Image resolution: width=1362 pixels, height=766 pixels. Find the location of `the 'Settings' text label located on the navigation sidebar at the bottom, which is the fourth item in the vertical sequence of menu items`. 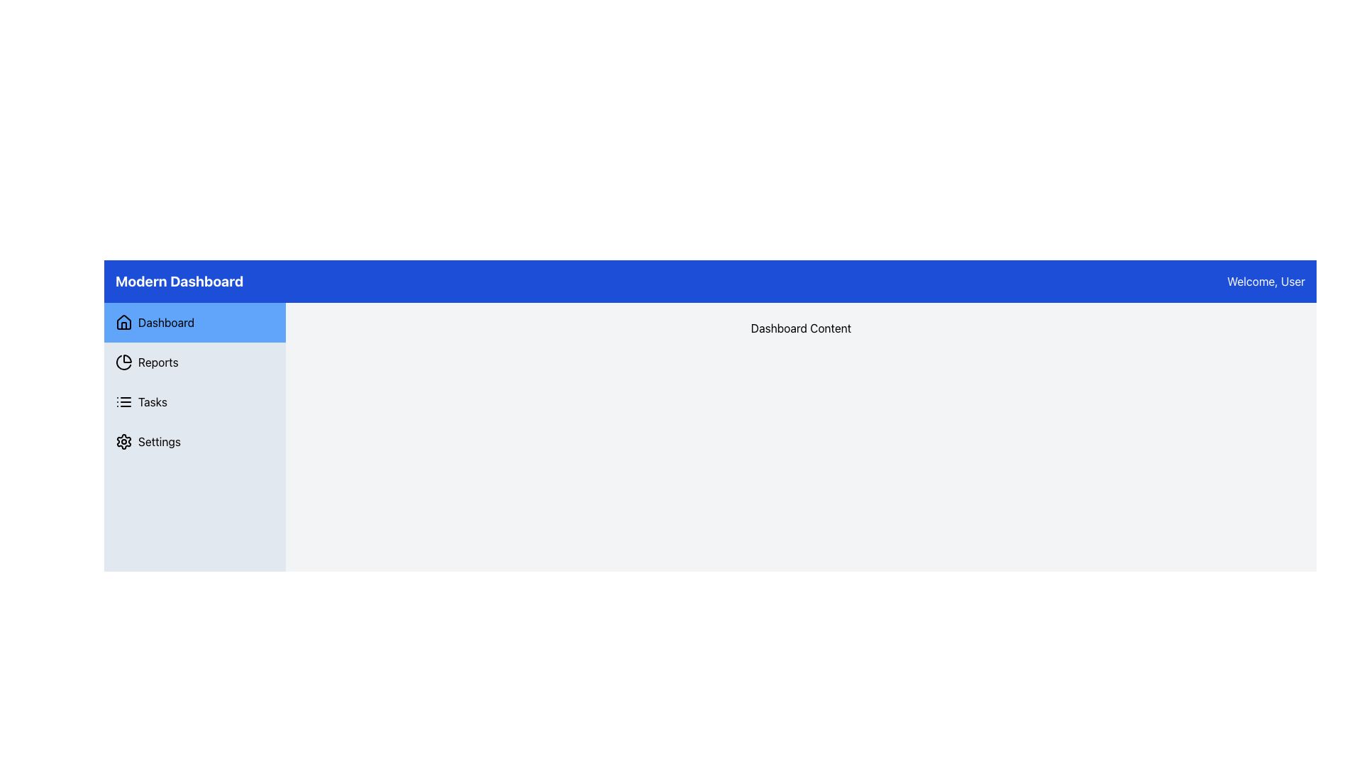

the 'Settings' text label located on the navigation sidebar at the bottom, which is the fourth item in the vertical sequence of menu items is located at coordinates (160, 441).